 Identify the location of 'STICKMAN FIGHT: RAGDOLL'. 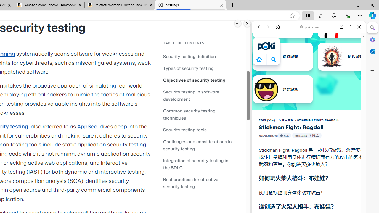
(318, 120).